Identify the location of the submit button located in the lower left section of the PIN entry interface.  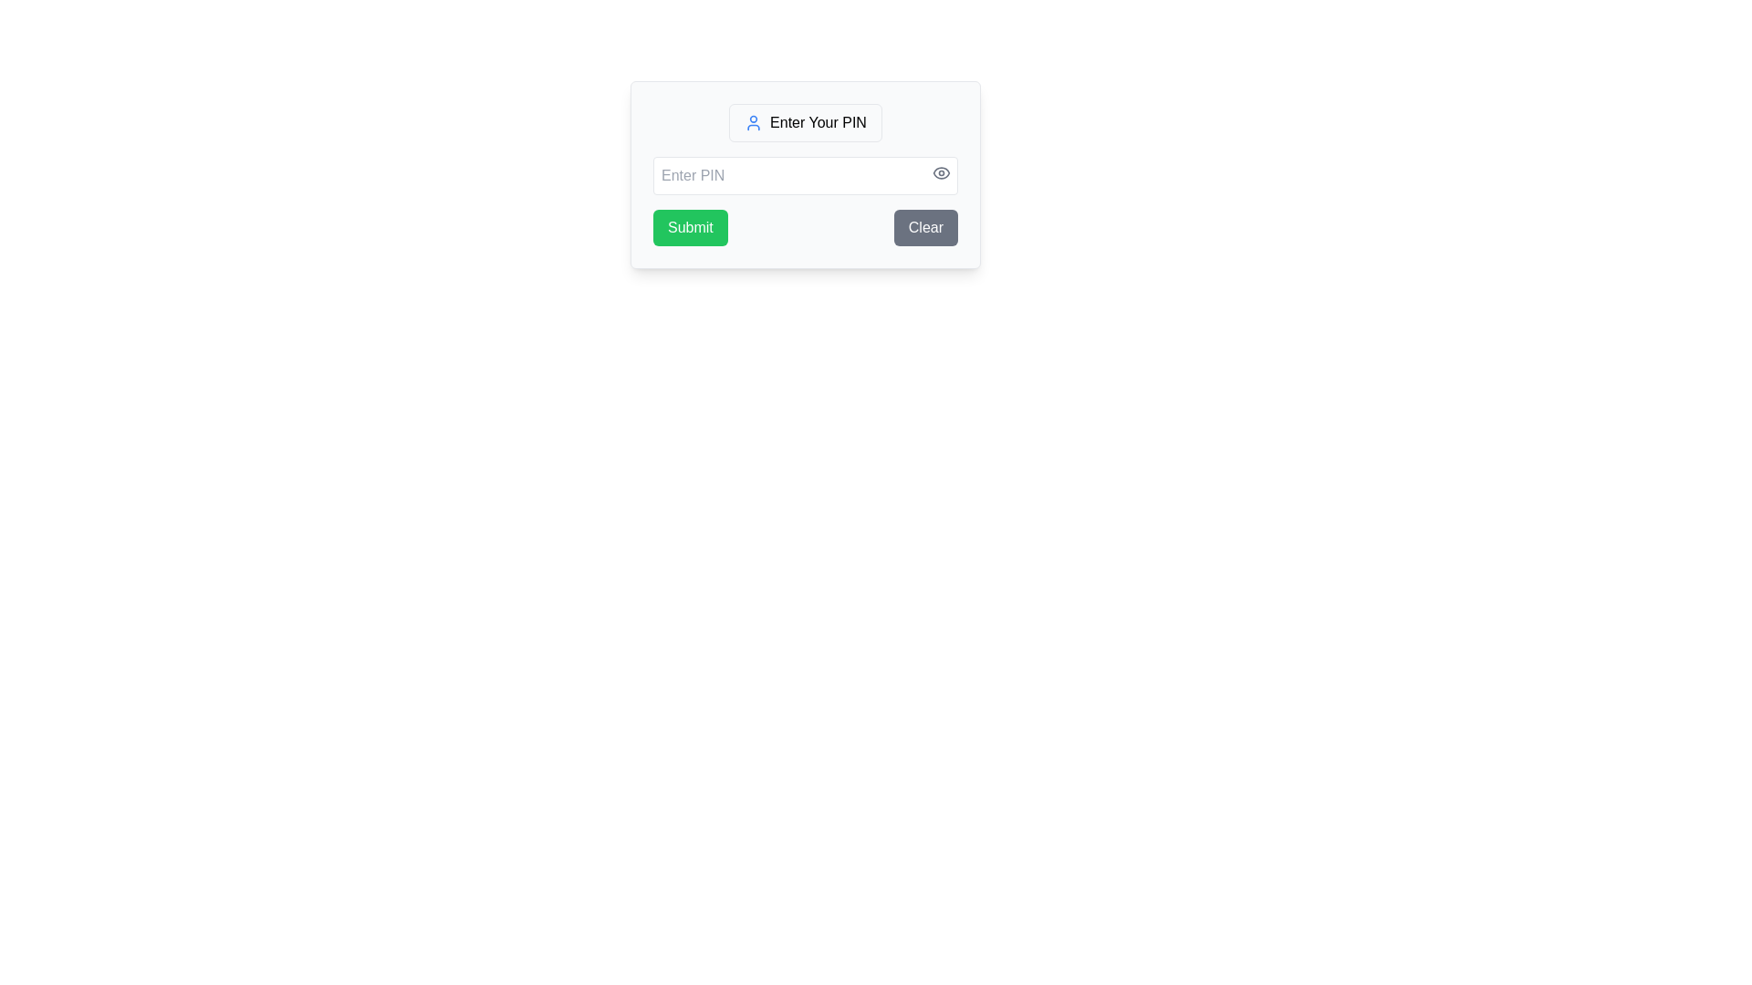
(689, 227).